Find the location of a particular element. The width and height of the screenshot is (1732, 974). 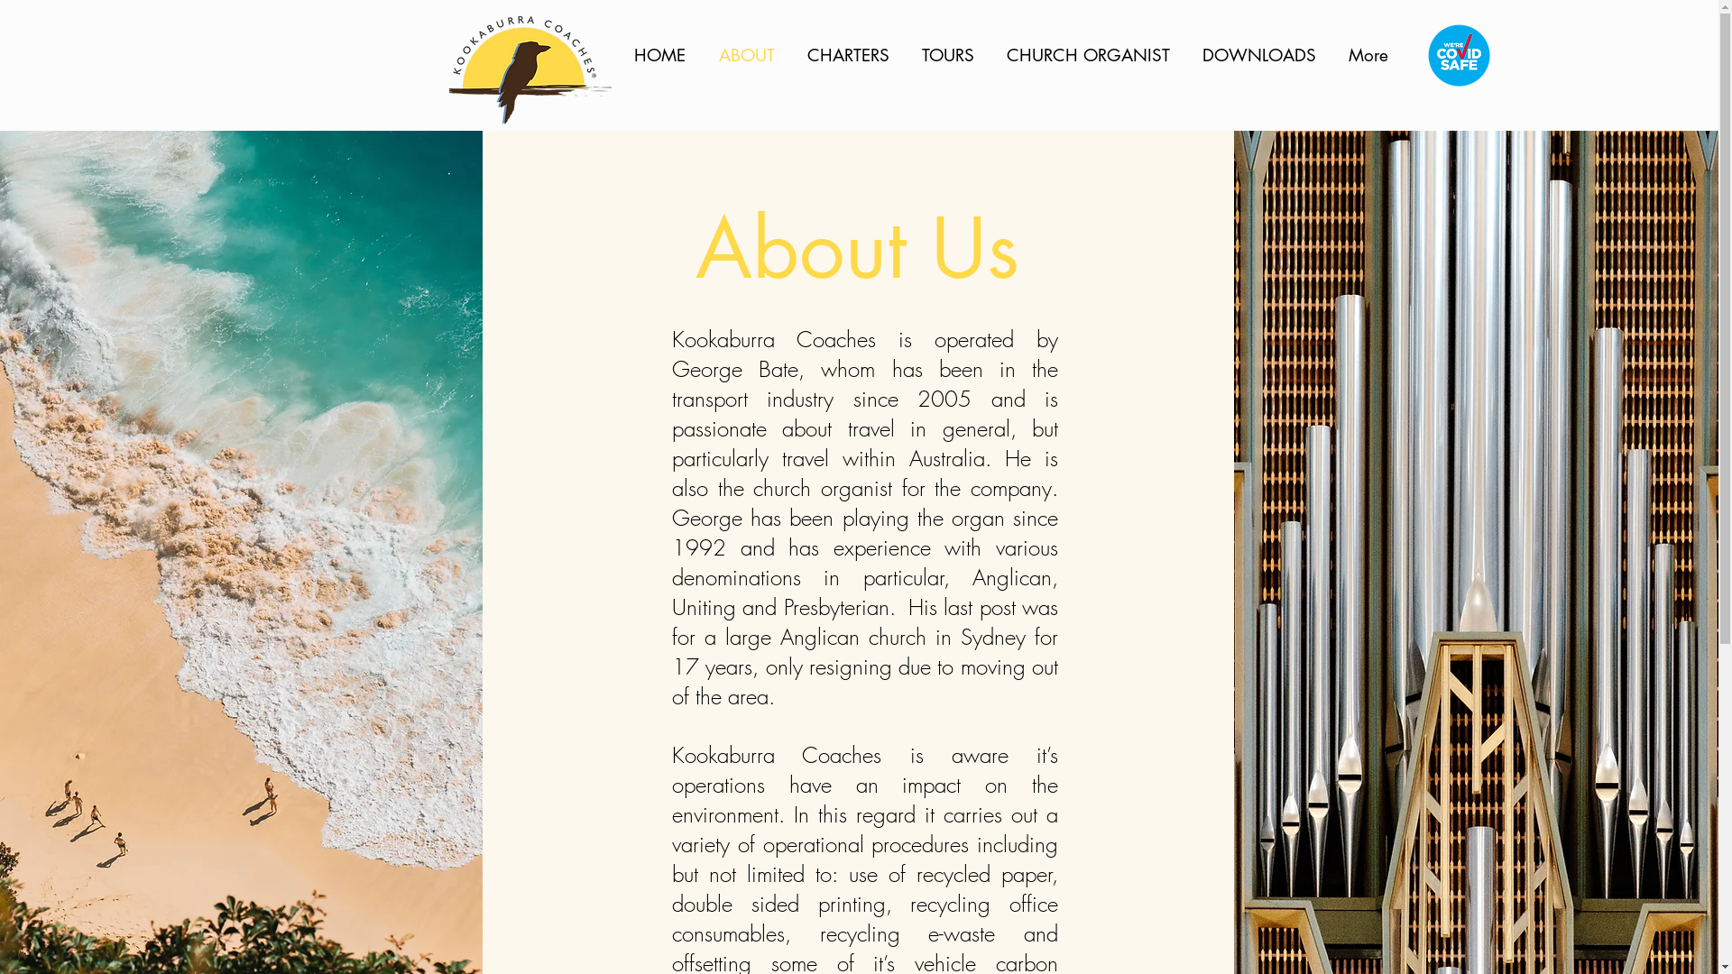

'CHARTERS' is located at coordinates (850, 54).